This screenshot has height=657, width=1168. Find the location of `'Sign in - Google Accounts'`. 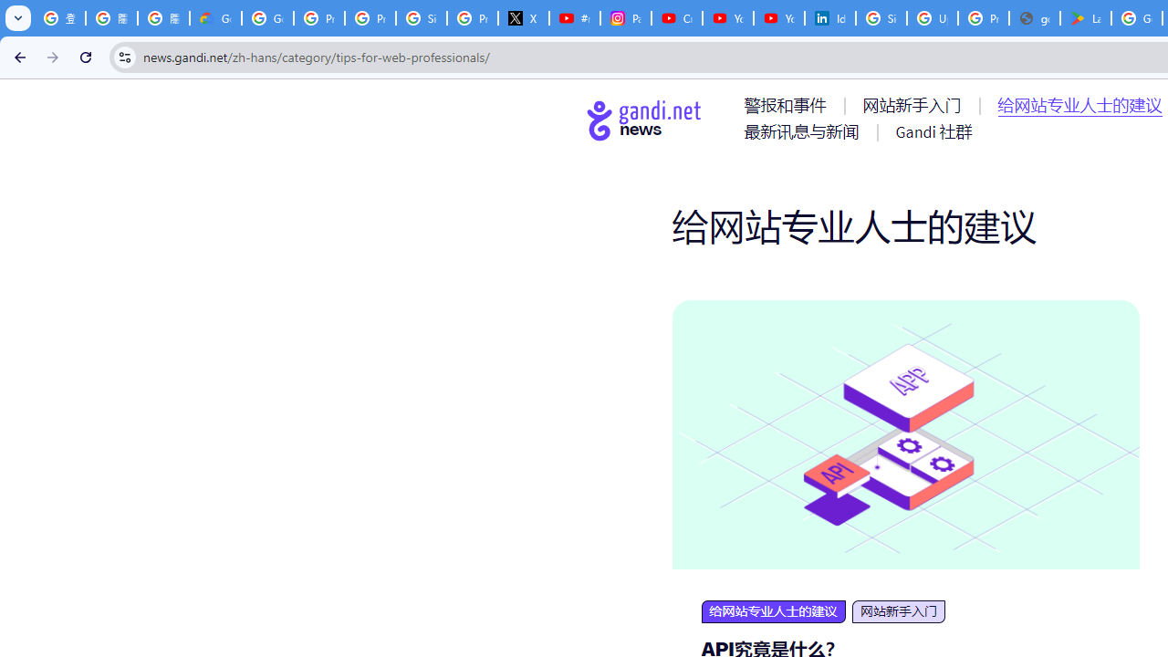

'Sign in - Google Accounts' is located at coordinates (881, 18).